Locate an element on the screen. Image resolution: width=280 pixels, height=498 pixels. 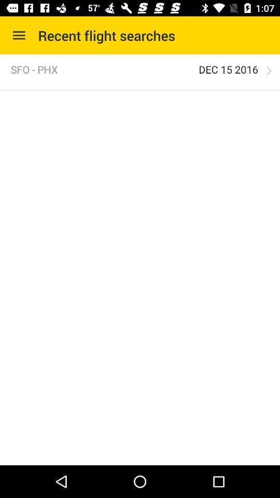
item next to dec 15 2016 is located at coordinates (34, 69).